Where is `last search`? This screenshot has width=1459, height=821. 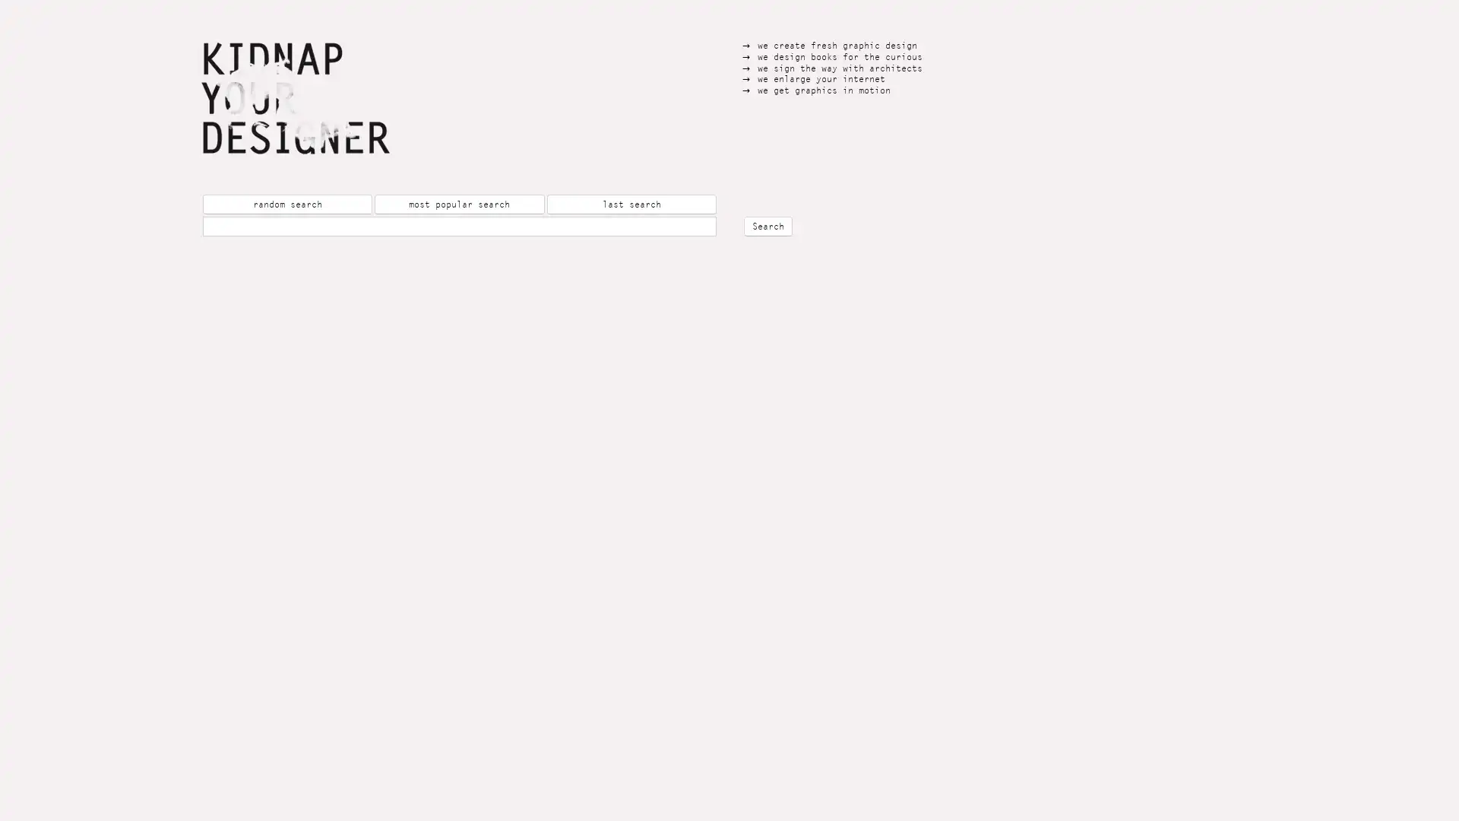
last search is located at coordinates (631, 204).